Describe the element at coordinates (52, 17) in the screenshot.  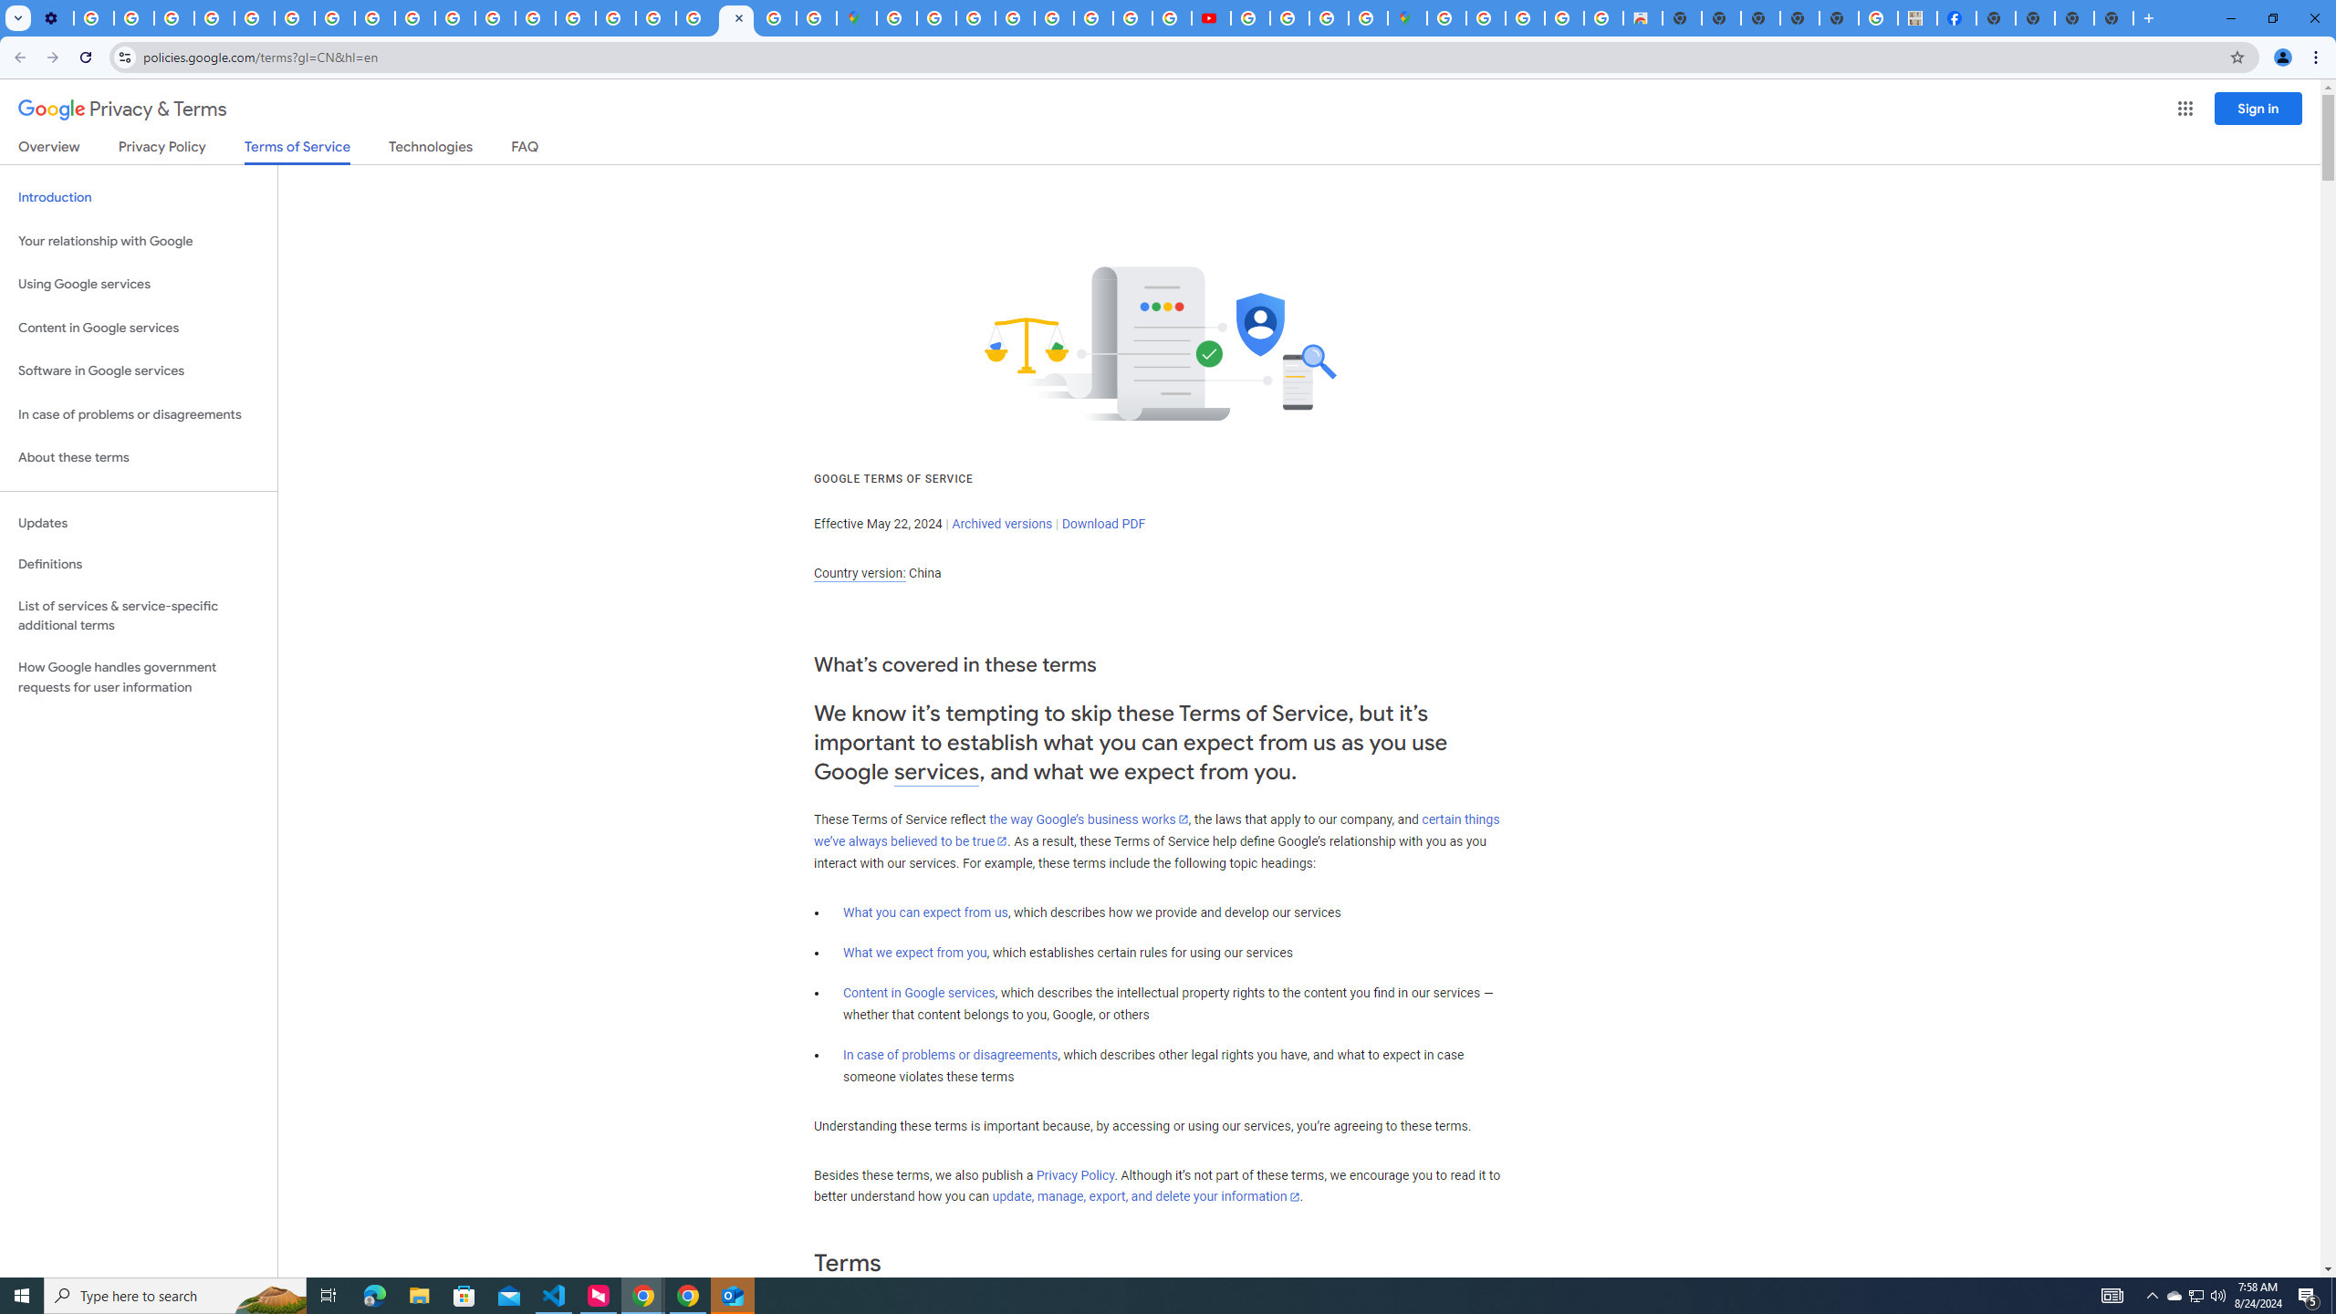
I see `'Settings - Customize profile'` at that location.